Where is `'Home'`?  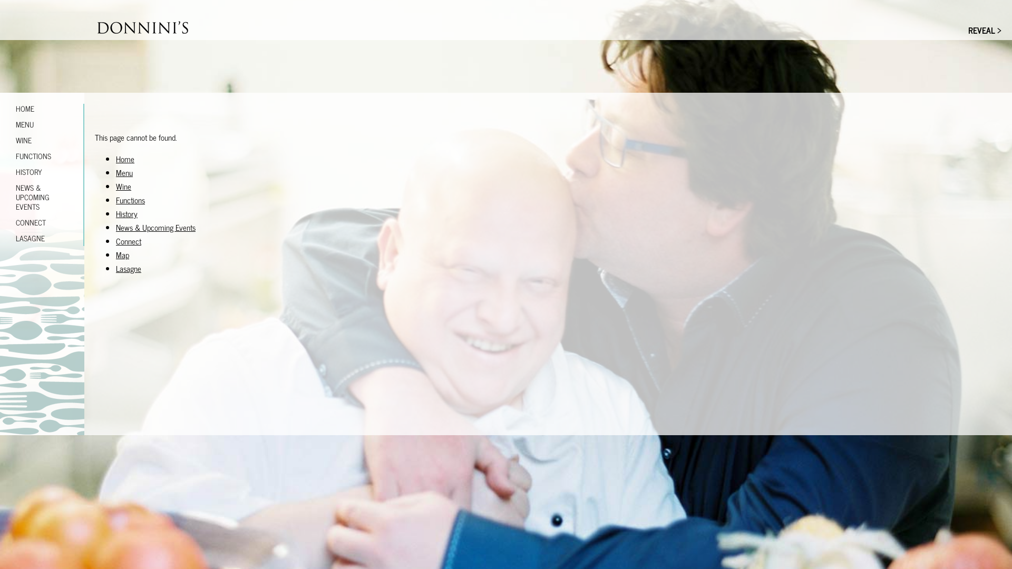
'Home' is located at coordinates (125, 159).